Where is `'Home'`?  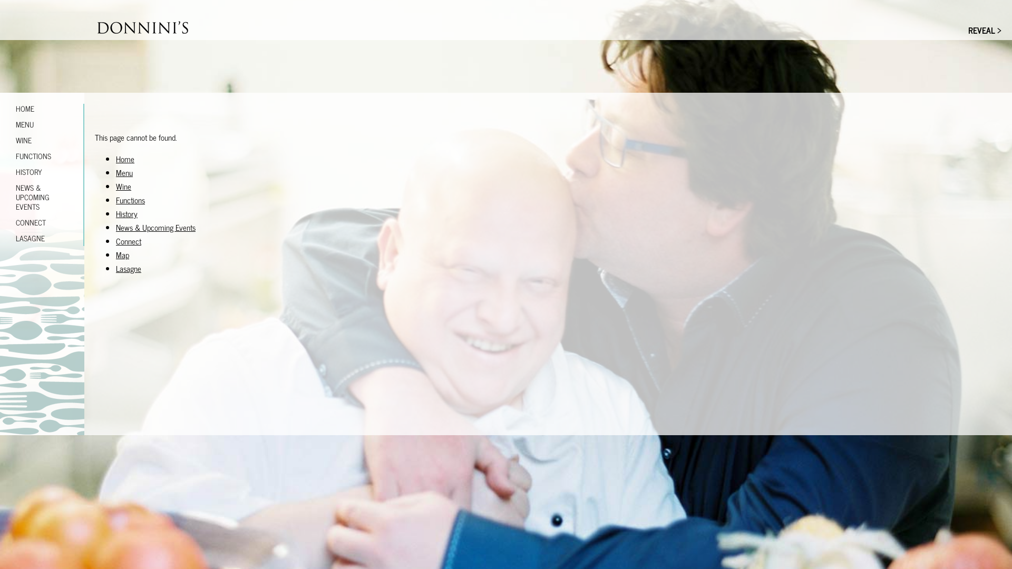
'Home' is located at coordinates (125, 159).